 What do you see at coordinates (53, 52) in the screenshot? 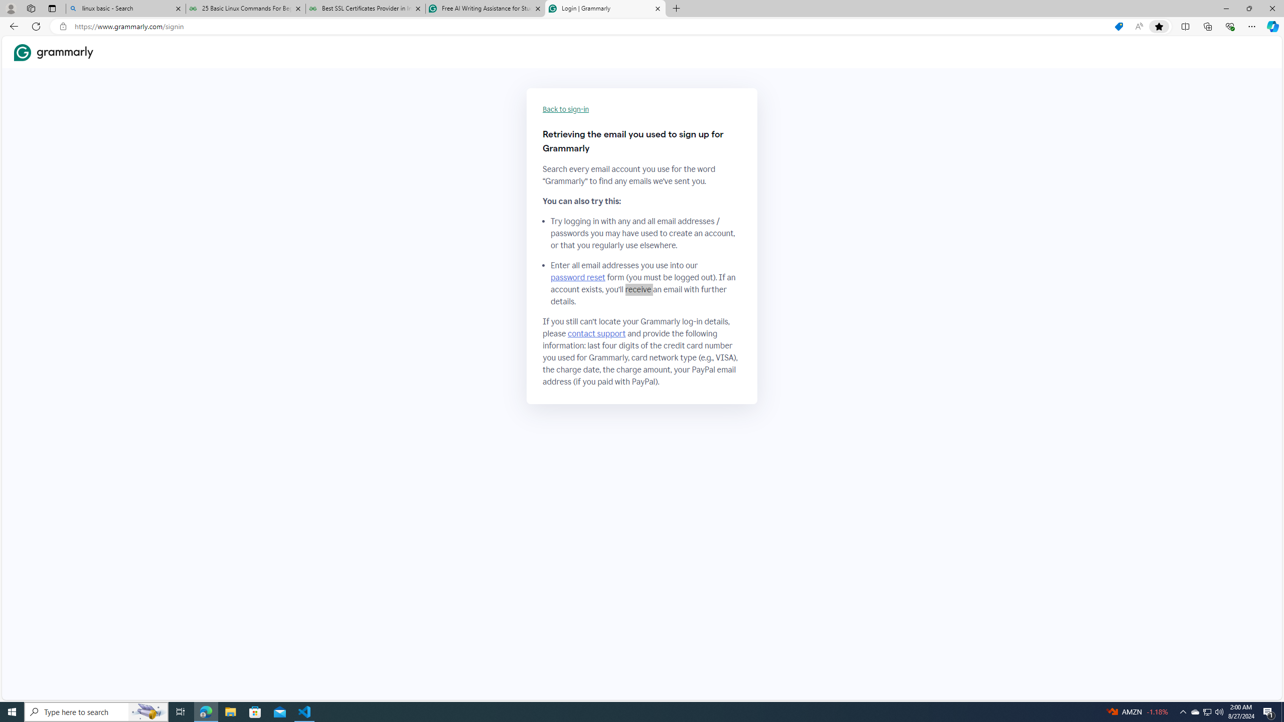
I see `'Grammarly Home'` at bounding box center [53, 52].